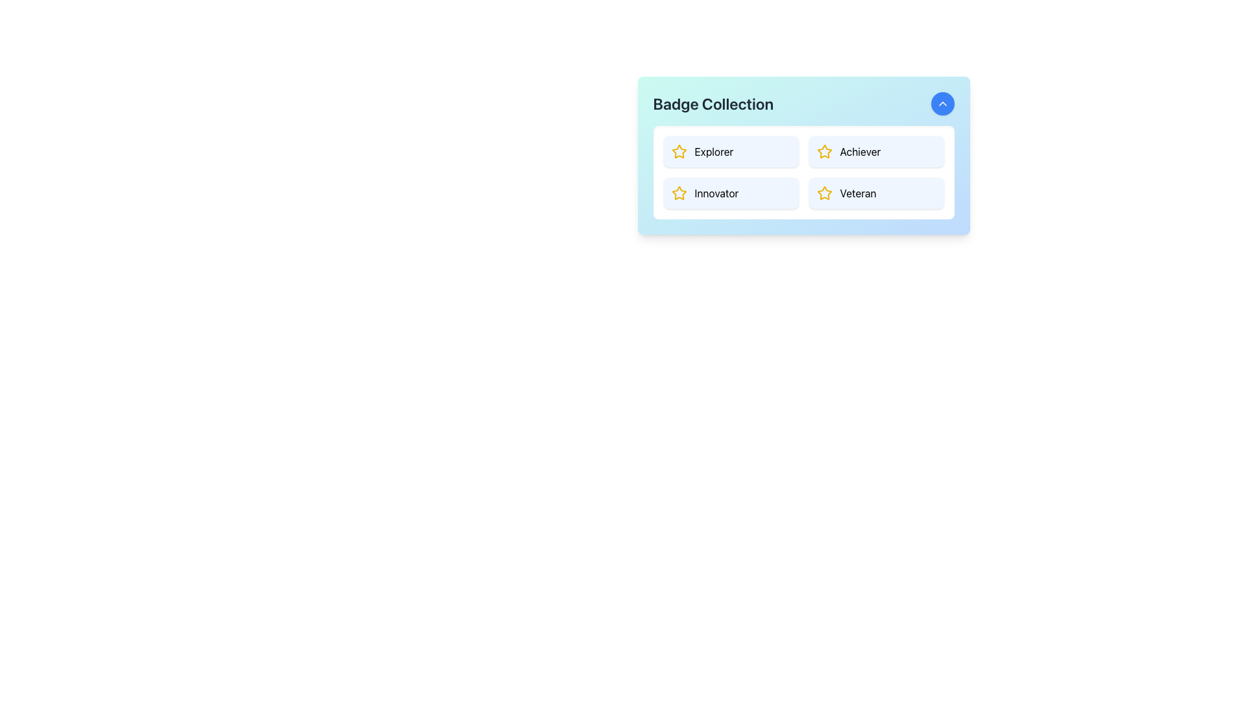  What do you see at coordinates (713, 151) in the screenshot?
I see `the text label for the badge named 'Explorer', which is the first badge in the grid layout, located in the top-left quadrant with a star icon to its left` at bounding box center [713, 151].